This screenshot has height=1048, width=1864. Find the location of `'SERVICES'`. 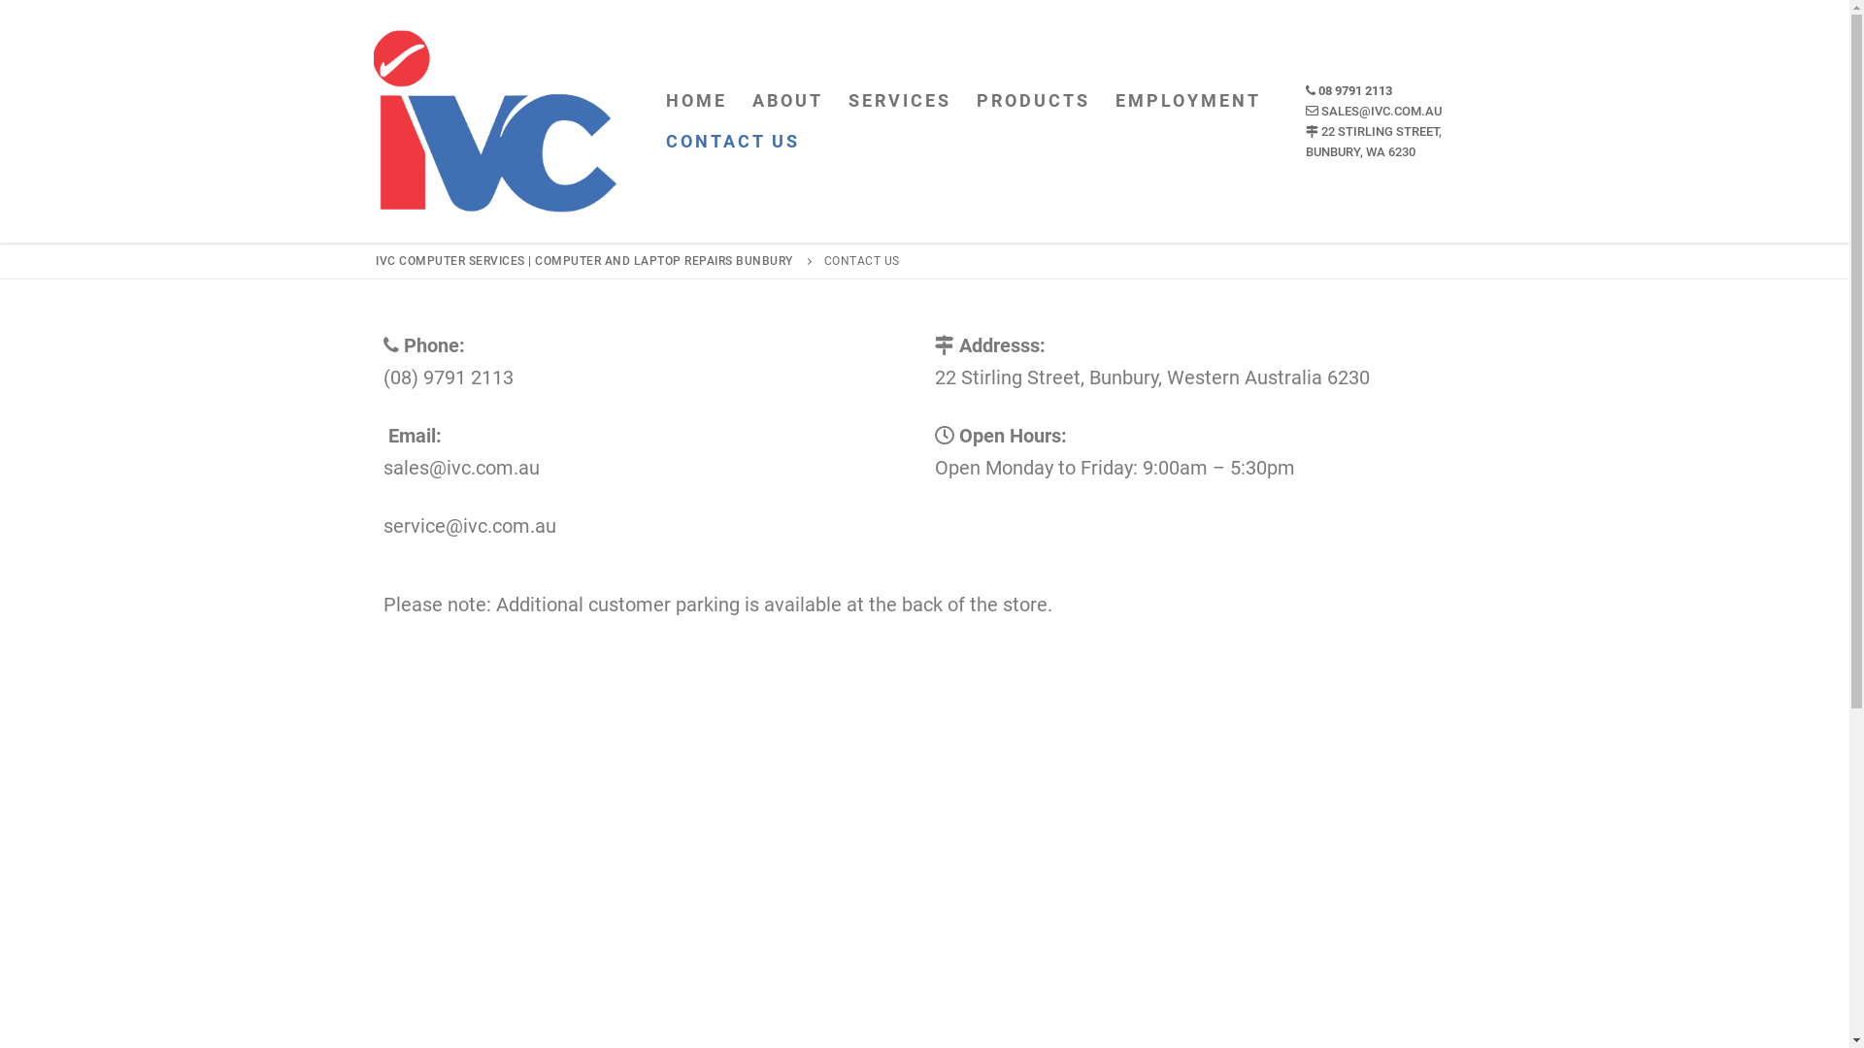

'SERVICES' is located at coordinates (898, 101).